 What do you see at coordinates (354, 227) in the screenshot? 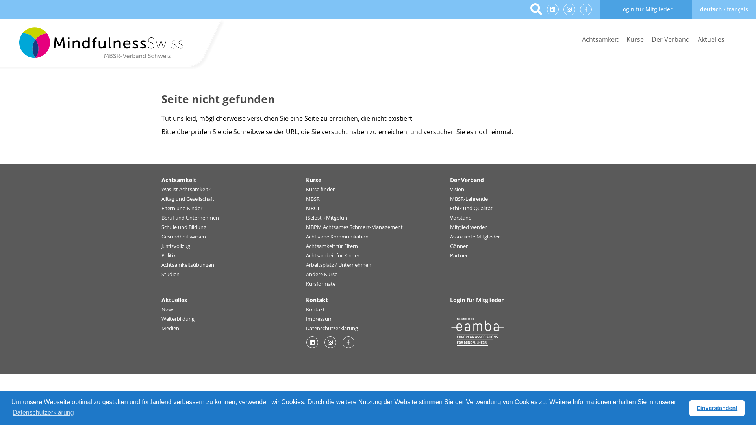
I see `'MBPM Achtsames Schmerz-Management'` at bounding box center [354, 227].